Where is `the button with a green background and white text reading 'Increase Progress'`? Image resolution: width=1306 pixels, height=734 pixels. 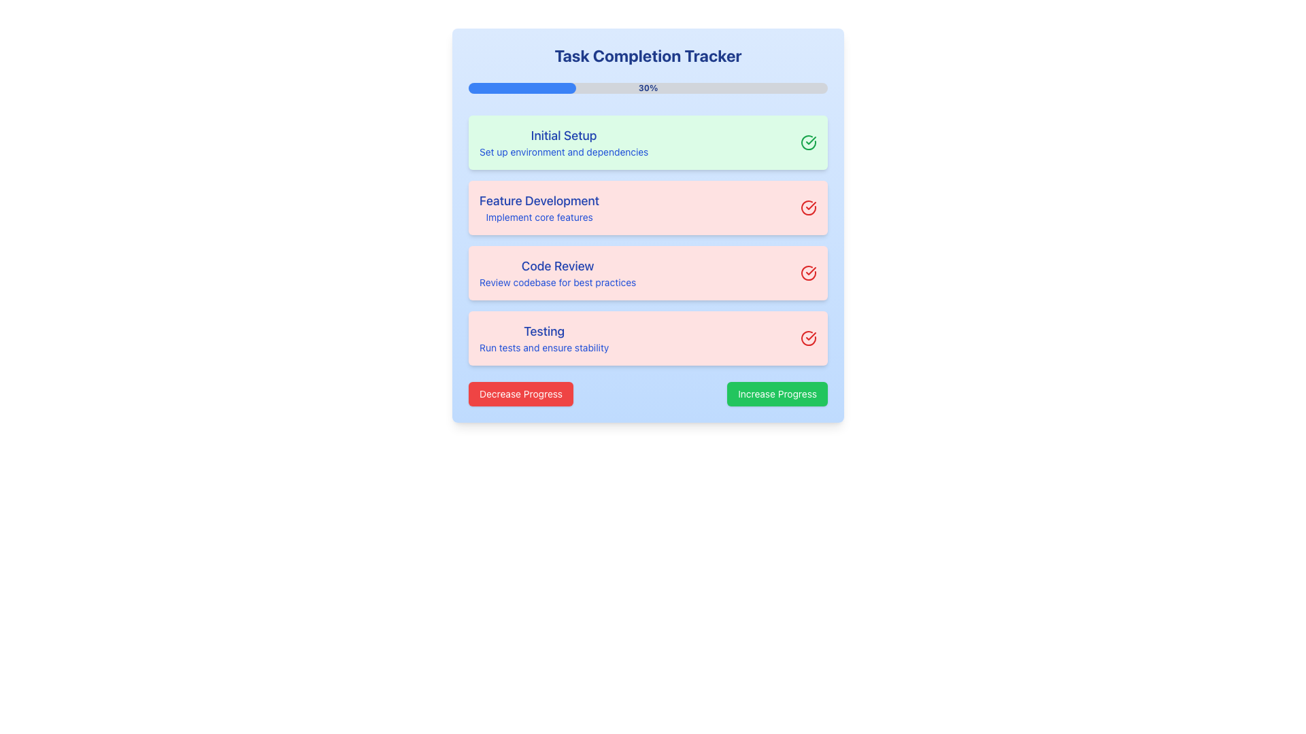
the button with a green background and white text reading 'Increase Progress' is located at coordinates (777, 394).